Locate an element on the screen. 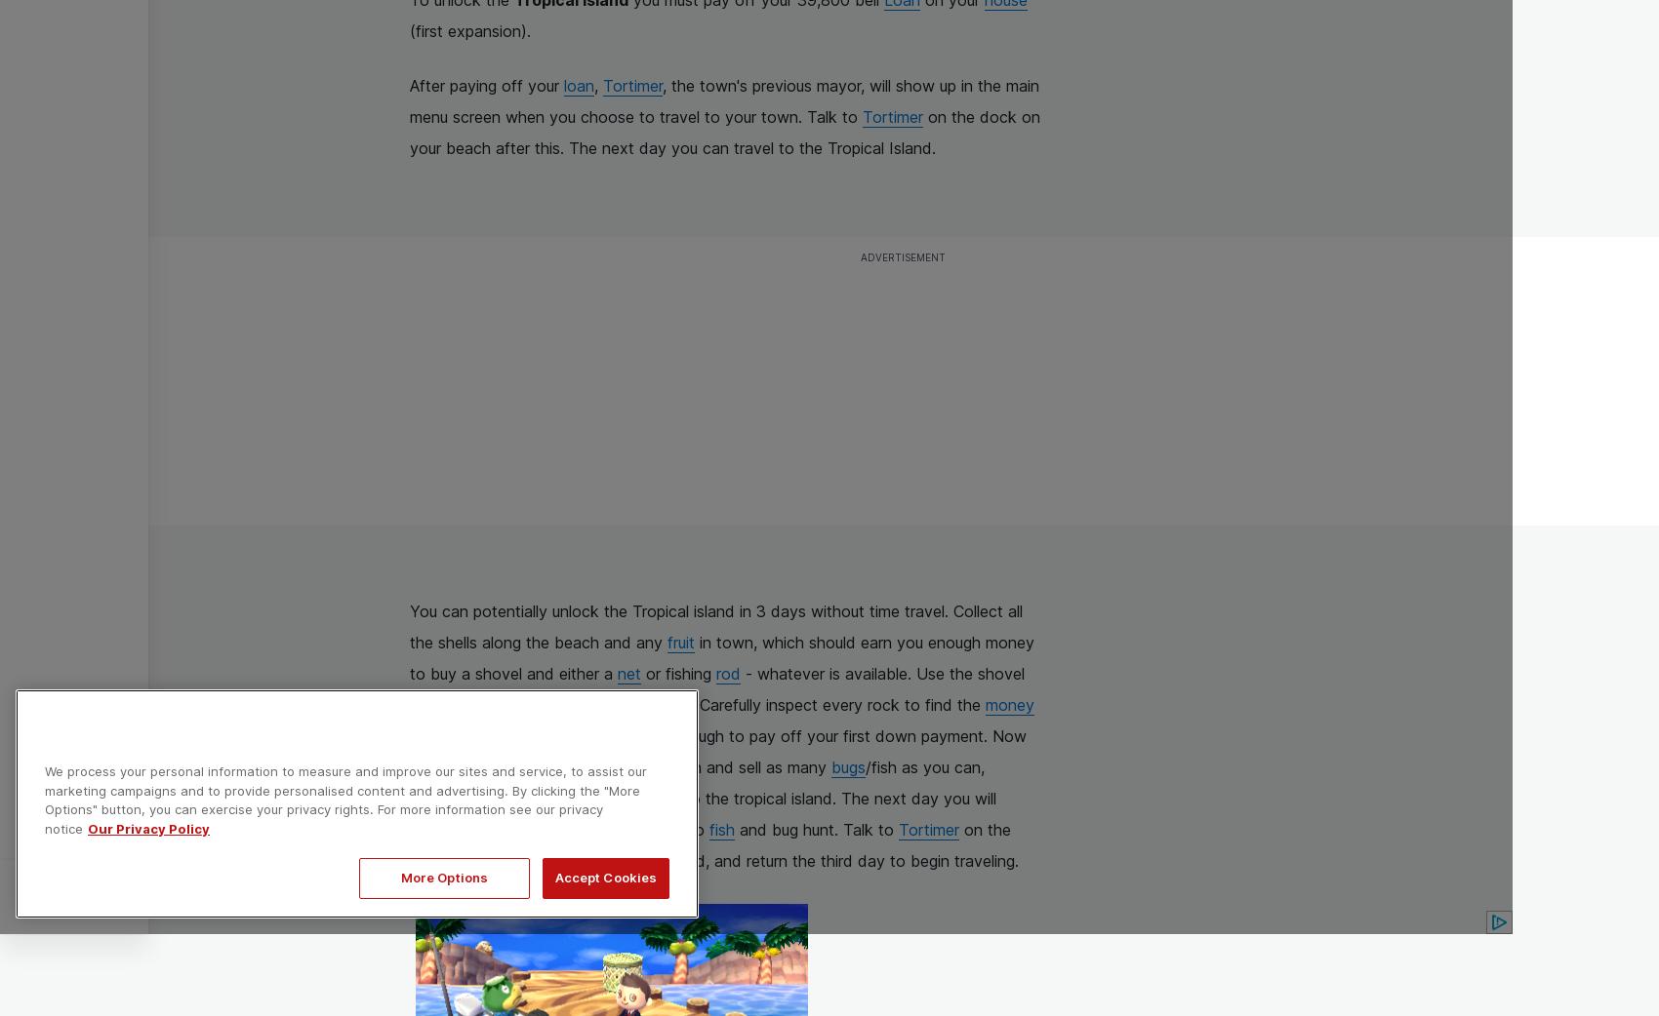 The height and width of the screenshot is (1016, 1659). 'money rock' is located at coordinates (722, 719).